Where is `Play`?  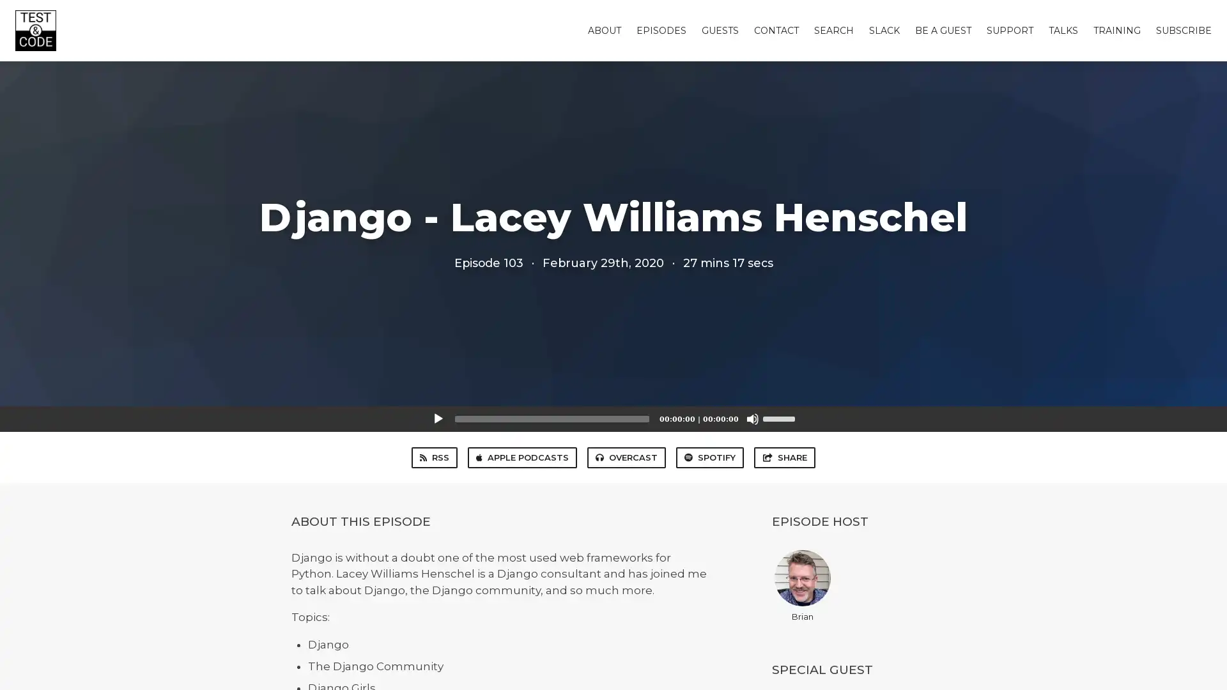
Play is located at coordinates (438, 418).